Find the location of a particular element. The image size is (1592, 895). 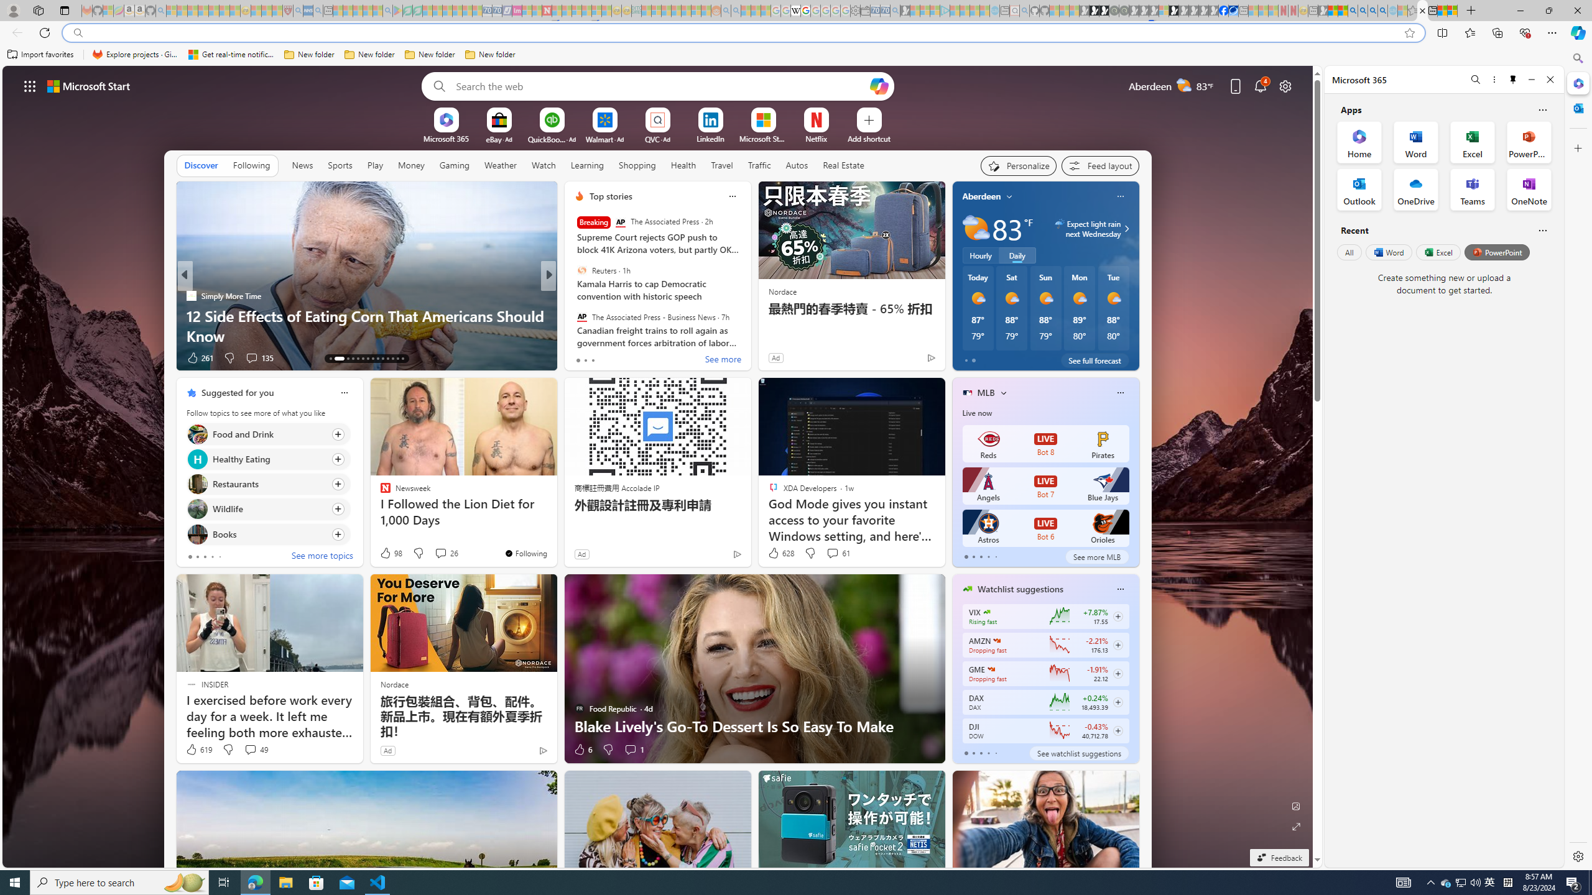

'73 Like' is located at coordinates (580, 357).